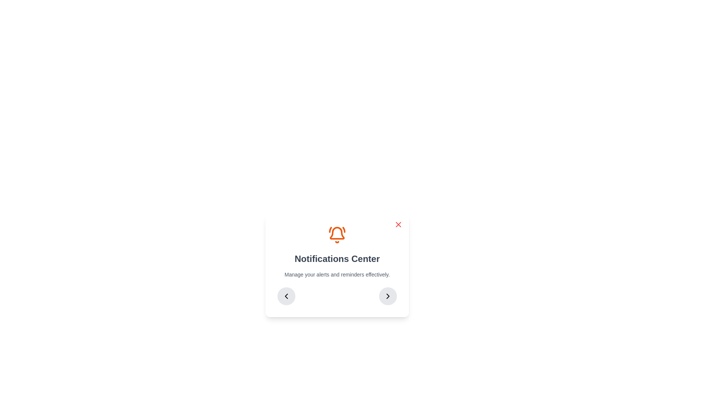 The image size is (717, 403). I want to click on the navigation arrow icon located in the center of the right-side area of the notification card, so click(388, 296).